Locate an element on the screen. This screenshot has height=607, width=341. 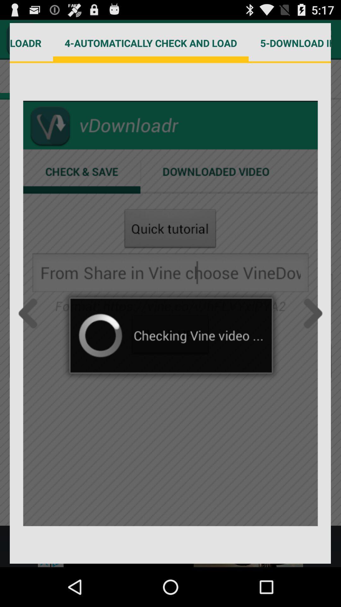
the item at the top is located at coordinates (151, 43).